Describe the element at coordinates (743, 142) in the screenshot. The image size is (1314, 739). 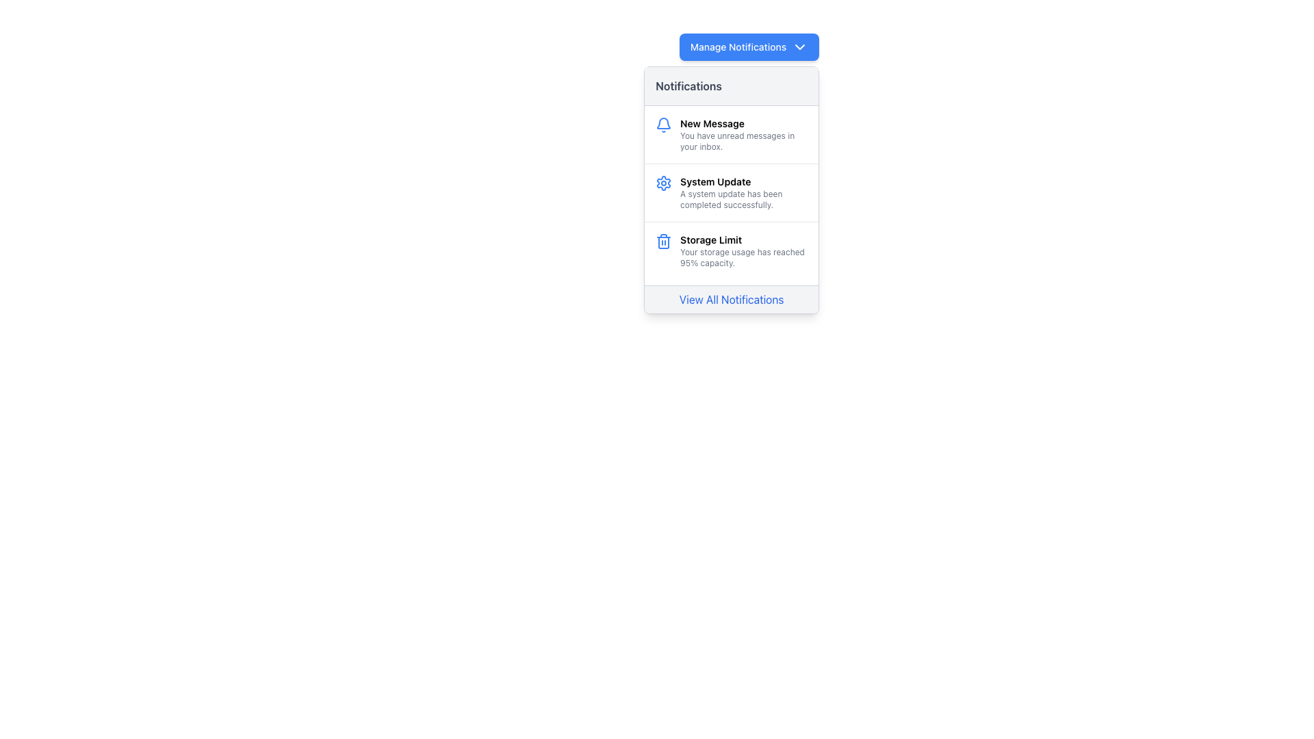
I see `text content of the gray text label displaying 'You have unread messages in your inbox', which is located below the 'New Message' text in the notification card` at that location.